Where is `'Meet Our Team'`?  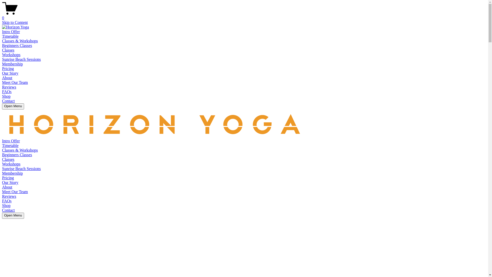 'Meet Our Team' is located at coordinates (15, 82).